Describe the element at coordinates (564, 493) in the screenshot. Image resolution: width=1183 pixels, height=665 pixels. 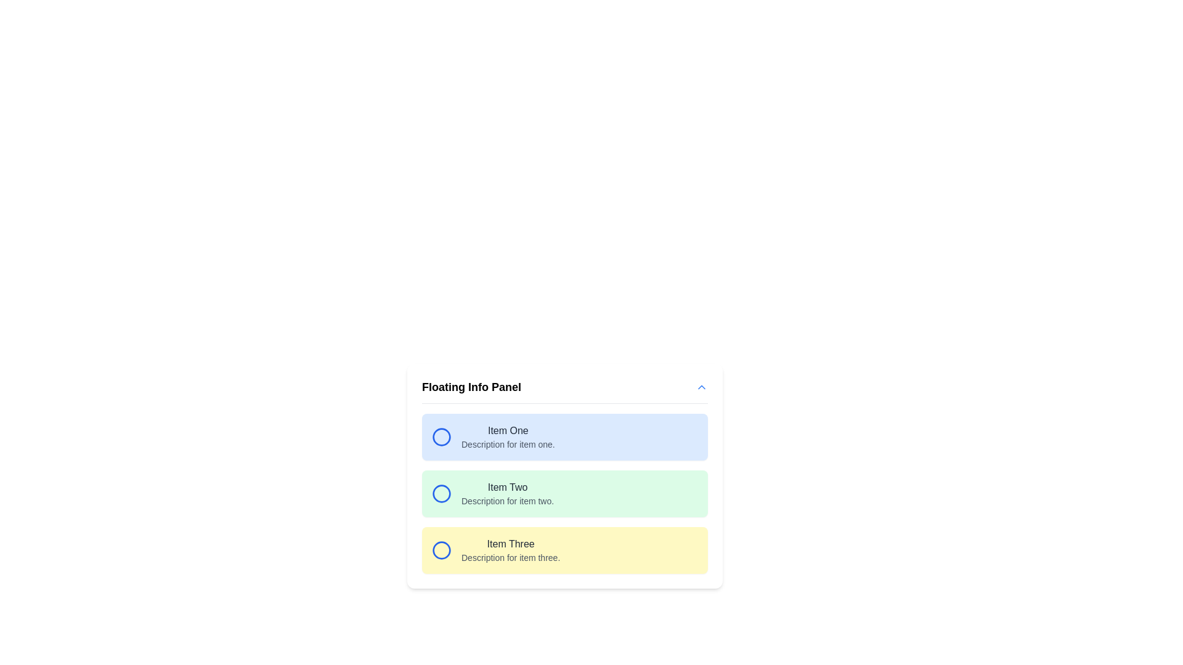
I see `the second item in the vertical list of cards within the 'Floating Info Panel', which represents 'Item Two'` at that location.